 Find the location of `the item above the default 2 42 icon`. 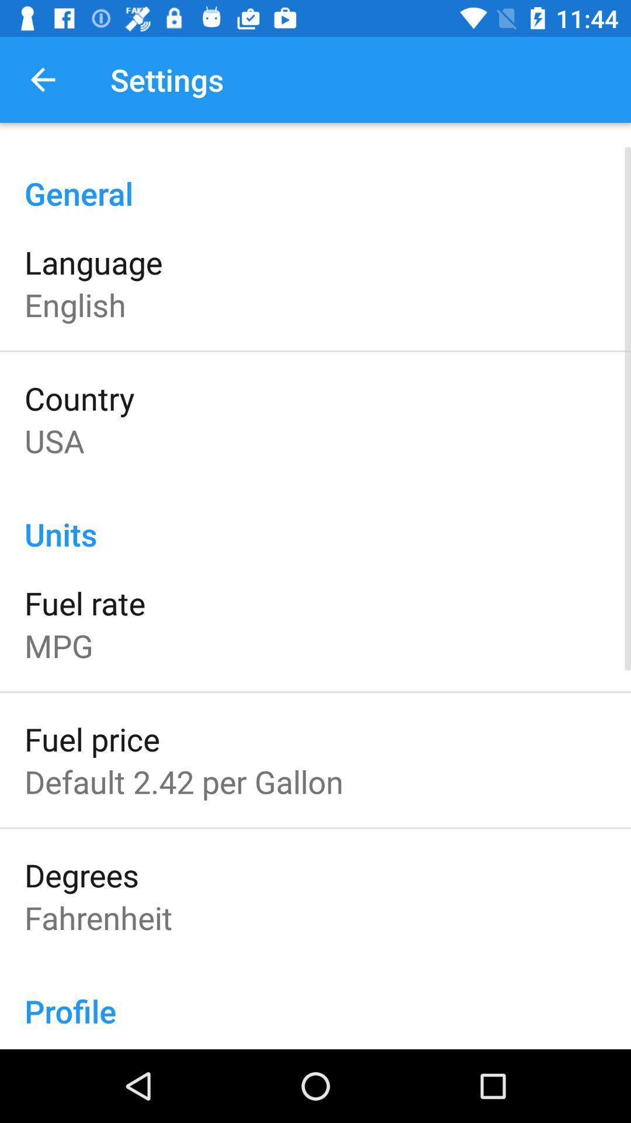

the item above the default 2 42 icon is located at coordinates (91, 738).